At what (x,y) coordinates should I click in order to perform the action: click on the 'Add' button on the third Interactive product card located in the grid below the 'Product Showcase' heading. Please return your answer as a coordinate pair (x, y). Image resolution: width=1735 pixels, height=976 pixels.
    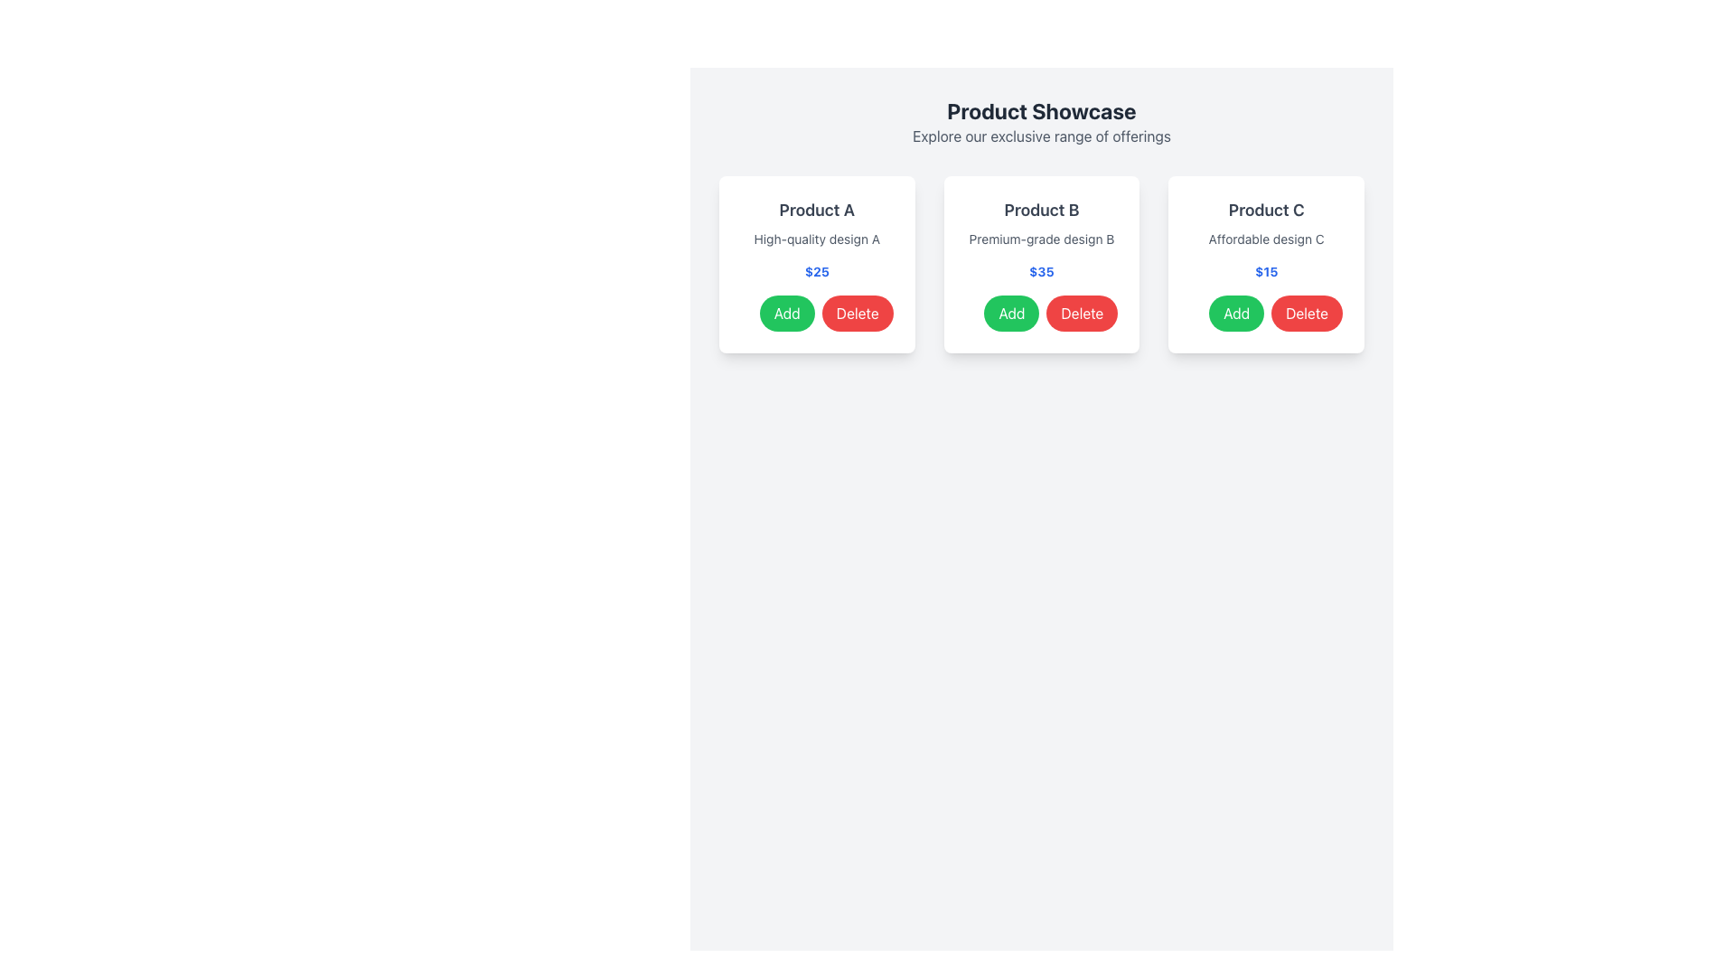
    Looking at the image, I should click on (1265, 265).